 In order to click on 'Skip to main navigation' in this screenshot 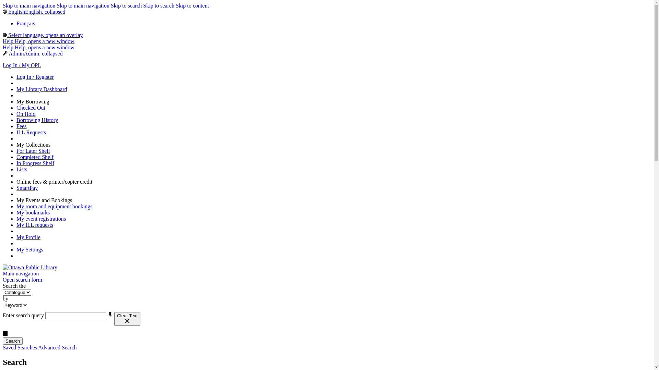, I will do `click(29, 5)`.